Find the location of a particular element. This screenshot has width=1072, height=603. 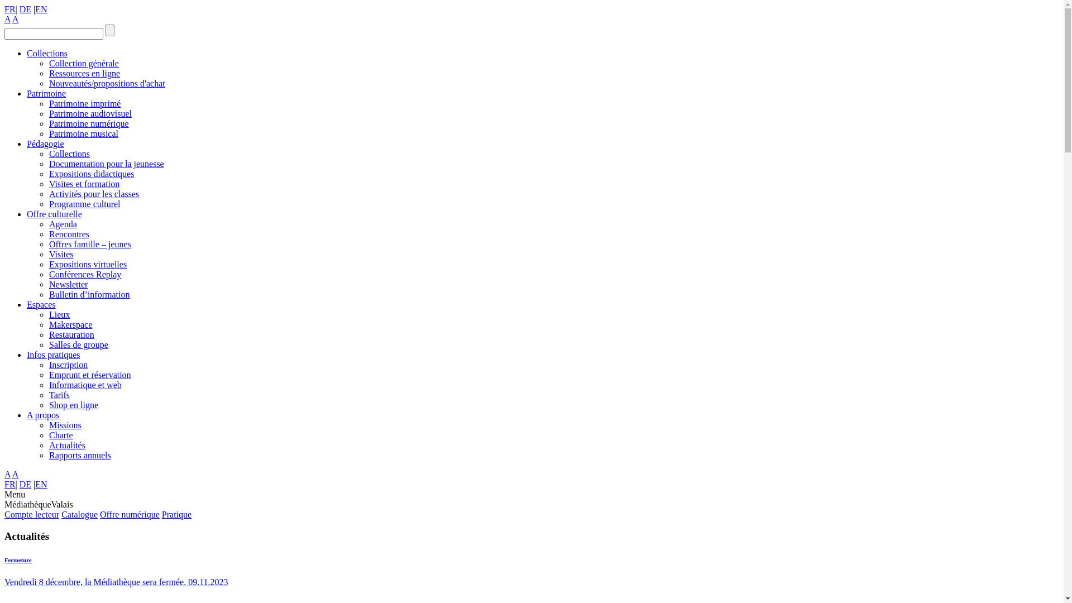

'Infos pratiques' is located at coordinates (53, 355).